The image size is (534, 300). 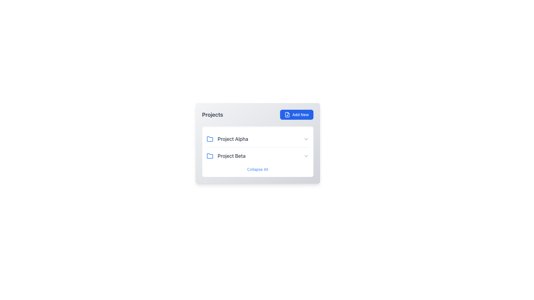 What do you see at coordinates (257, 156) in the screenshot?
I see `on the list item displaying 'Project Beta', which is the second item under the 'Projects' section` at bounding box center [257, 156].